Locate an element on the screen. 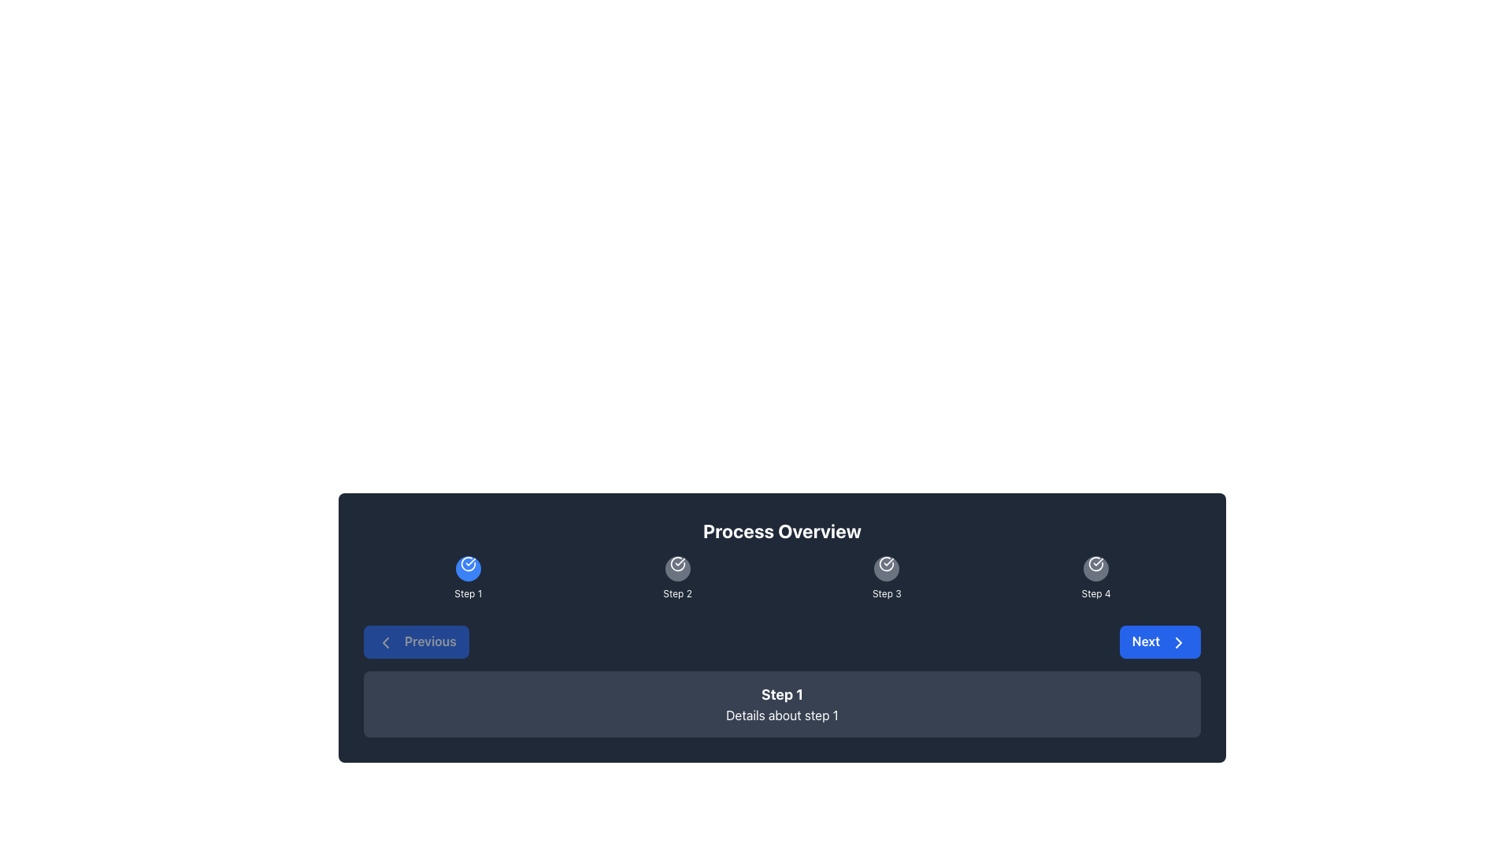 The image size is (1512, 851). the small left-facing arrow icon styled as an outline, located within the 'Previous' button at the bottom left of the dialog box is located at coordinates (385, 641).